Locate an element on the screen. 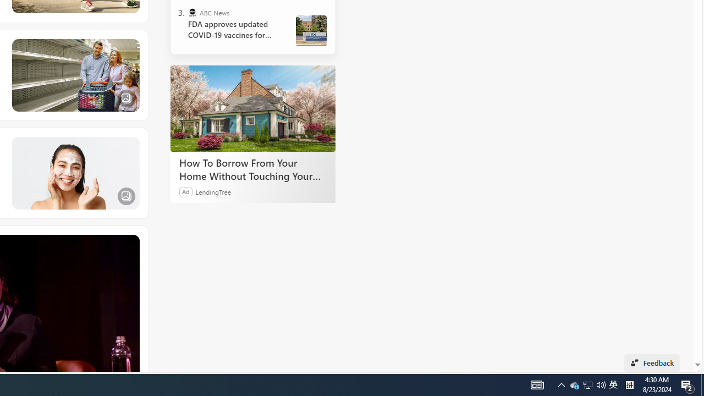 The image size is (704, 396). 'ABC News' is located at coordinates (193, 13).